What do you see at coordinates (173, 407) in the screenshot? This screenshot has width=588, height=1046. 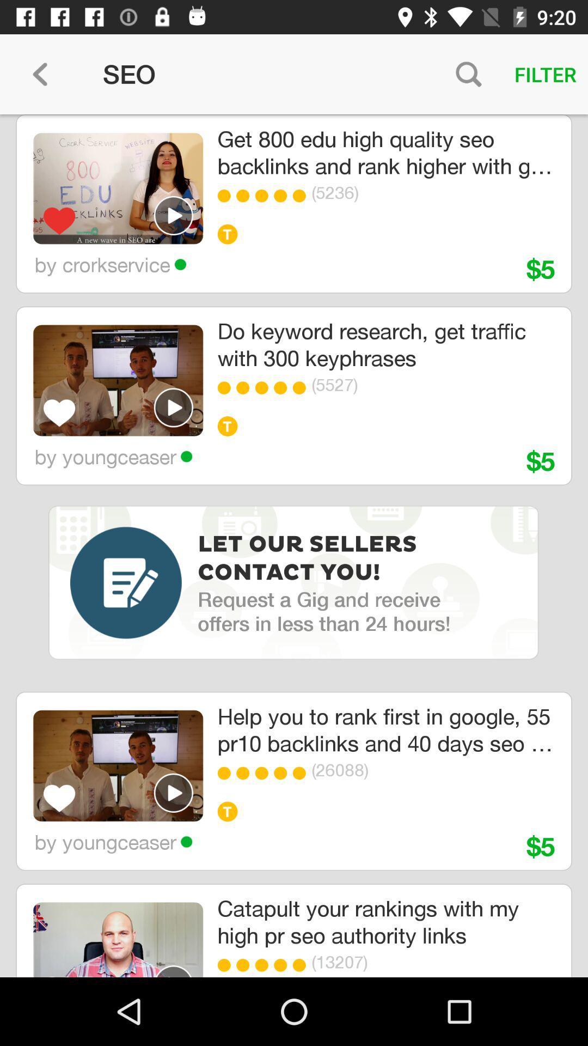 I see `the video icon in the second block` at bounding box center [173, 407].